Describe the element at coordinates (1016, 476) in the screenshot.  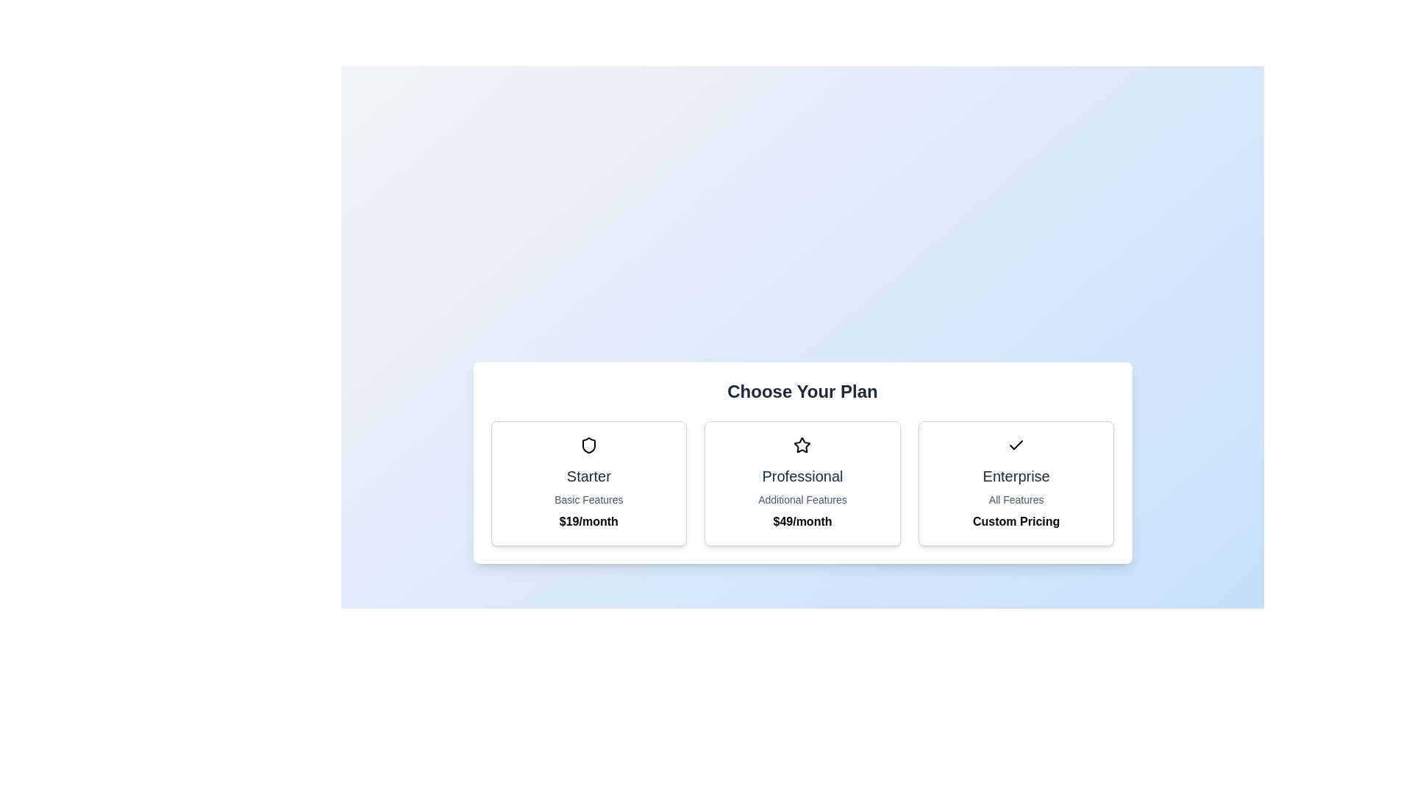
I see `the 'Enterprise' text label, which is styled with a large dark grey font, located at the top-center of the rightmost pricing card in a group of three cards` at that location.